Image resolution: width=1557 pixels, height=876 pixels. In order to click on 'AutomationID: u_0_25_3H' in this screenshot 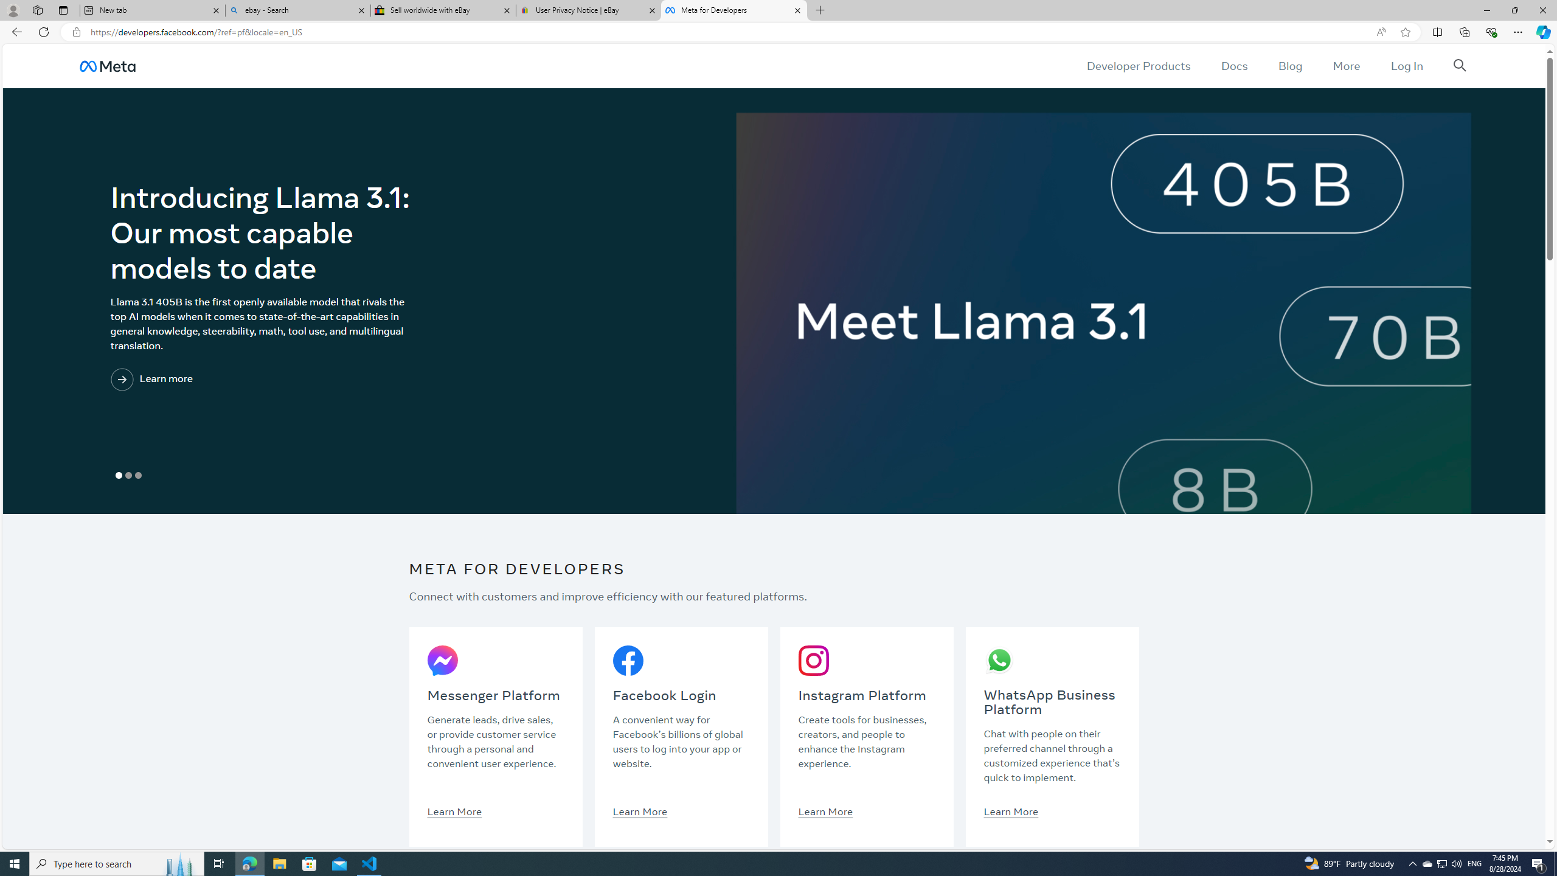, I will do `click(106, 65)`.